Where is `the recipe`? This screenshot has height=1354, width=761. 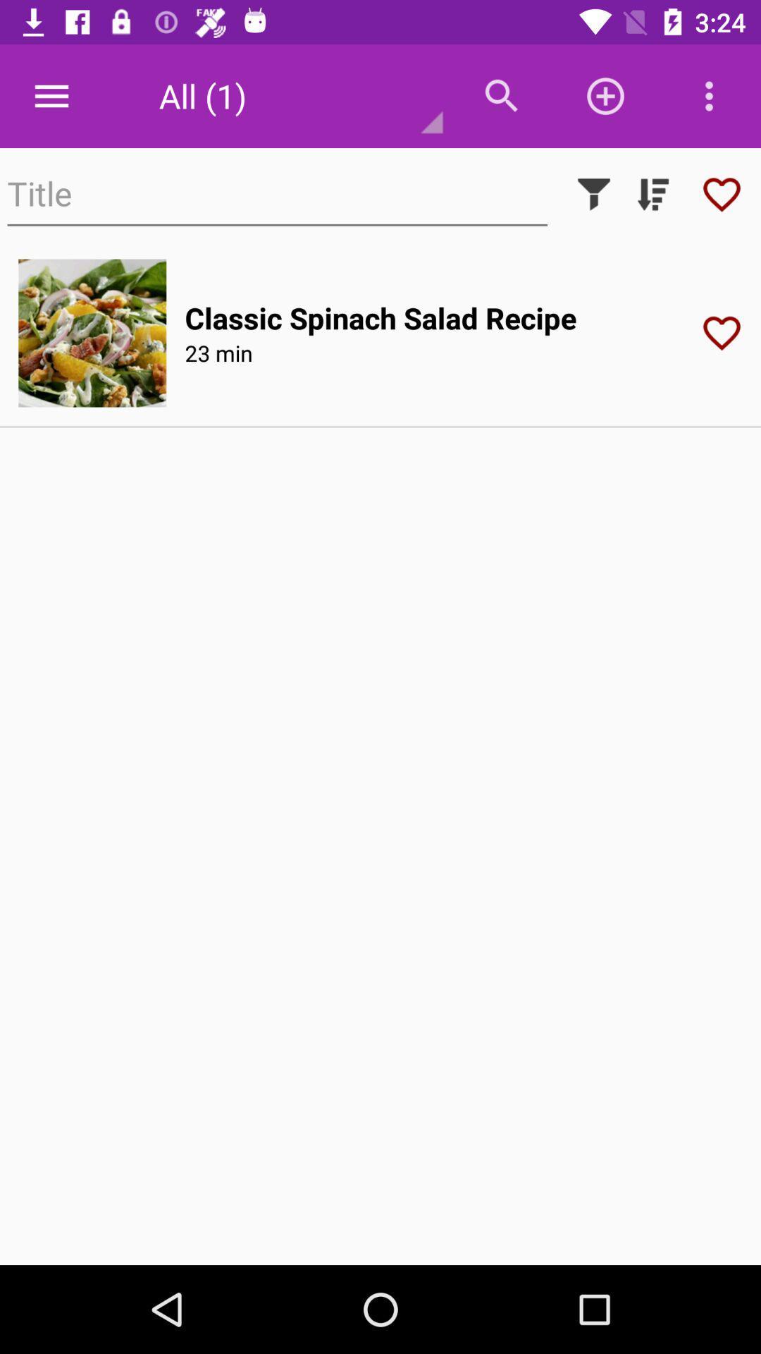 the recipe is located at coordinates (726, 332).